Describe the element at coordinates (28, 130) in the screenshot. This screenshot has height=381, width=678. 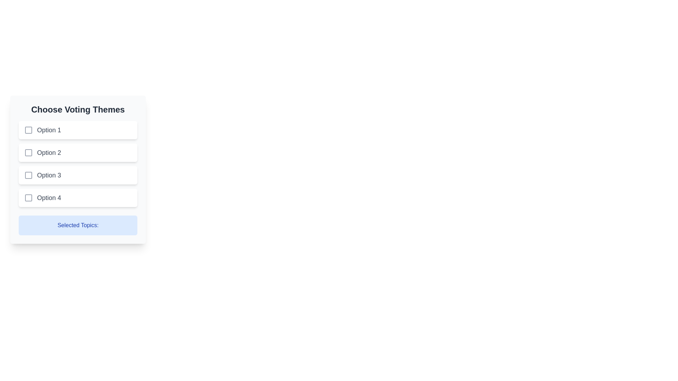
I see `the central portion of the first checkbox option in the 'Choose Voting Themes' list` at that location.